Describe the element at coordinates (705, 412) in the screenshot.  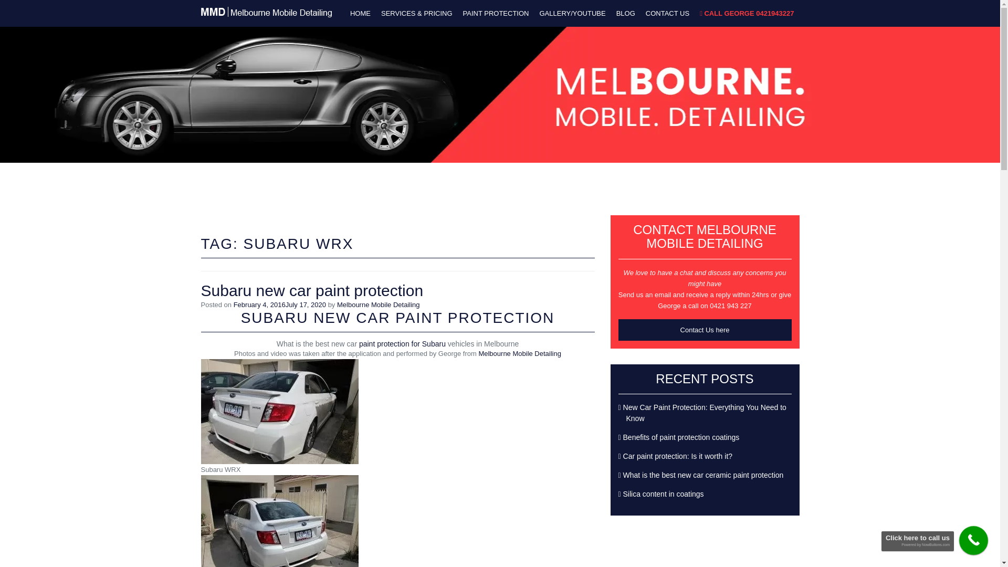
I see `'New Car Paint Protection: Everything You Need to Know'` at that location.